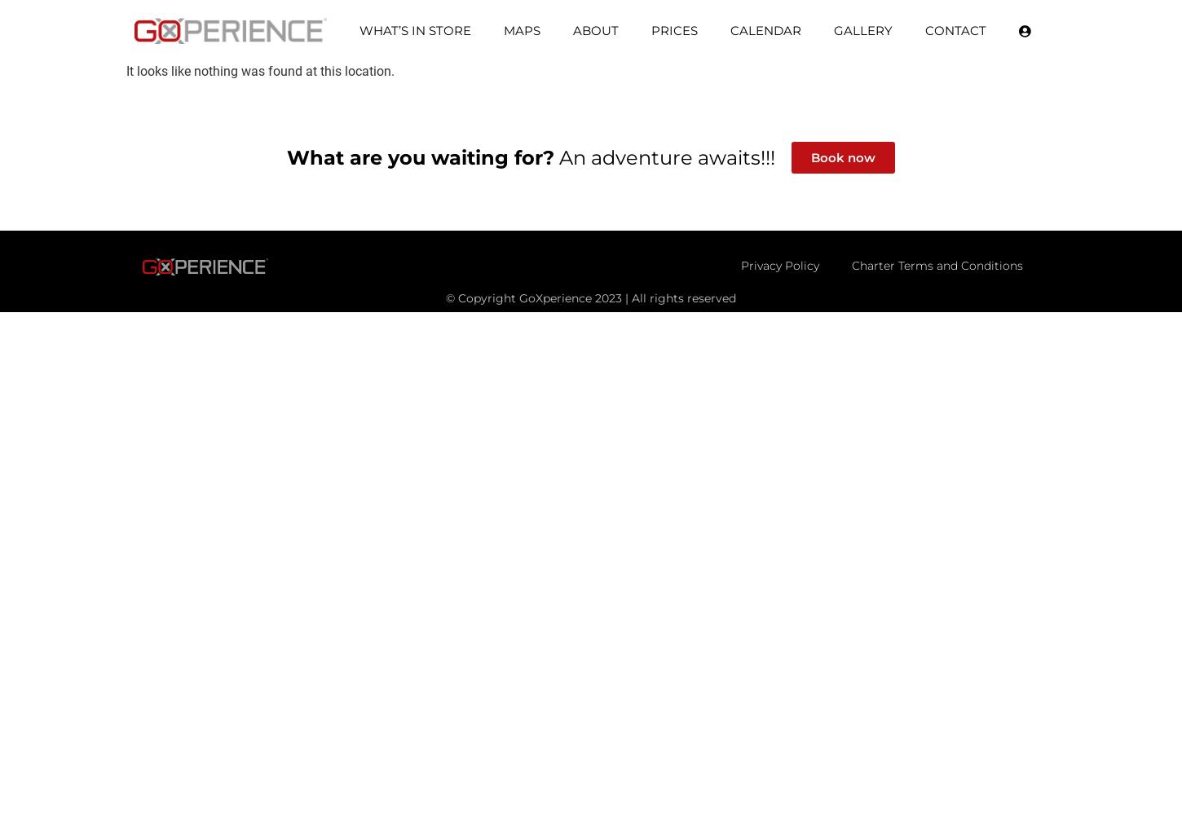 The height and width of the screenshot is (815, 1182). I want to click on '© Copyright GoXperience 2023   |   All rights reserved', so click(591, 297).